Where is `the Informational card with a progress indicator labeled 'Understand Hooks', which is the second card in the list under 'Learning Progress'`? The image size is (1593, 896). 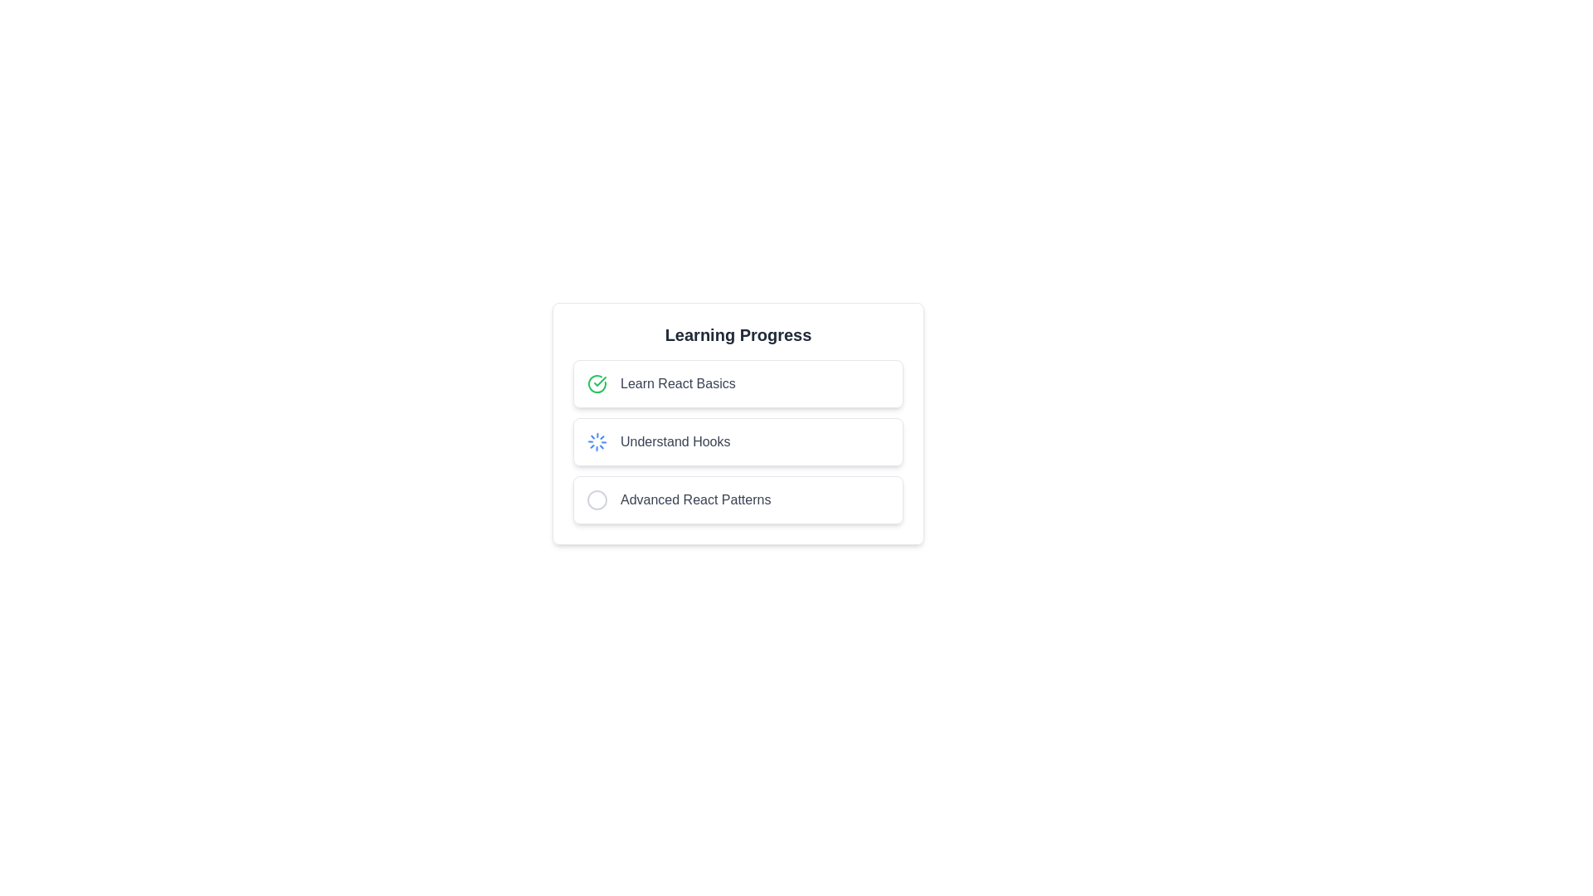
the Informational card with a progress indicator labeled 'Understand Hooks', which is the second card in the list under 'Learning Progress' is located at coordinates (737, 422).